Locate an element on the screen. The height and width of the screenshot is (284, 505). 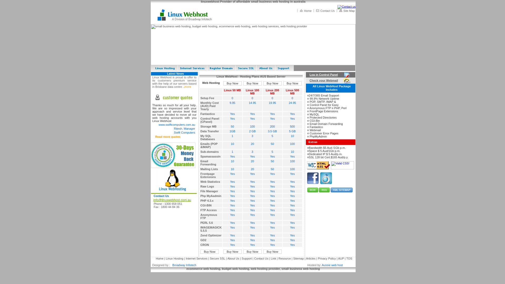
'TOS' is located at coordinates (346, 258).